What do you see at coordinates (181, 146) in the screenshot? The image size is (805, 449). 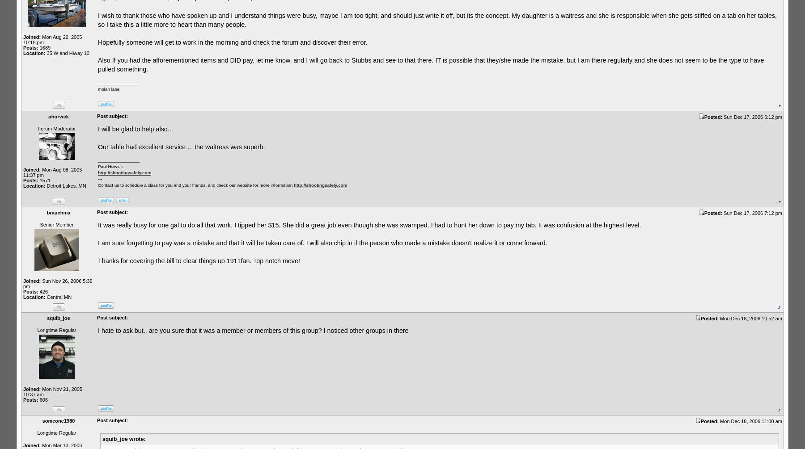 I see `'Our table had excellent service ... the waitress was superb.'` at bounding box center [181, 146].